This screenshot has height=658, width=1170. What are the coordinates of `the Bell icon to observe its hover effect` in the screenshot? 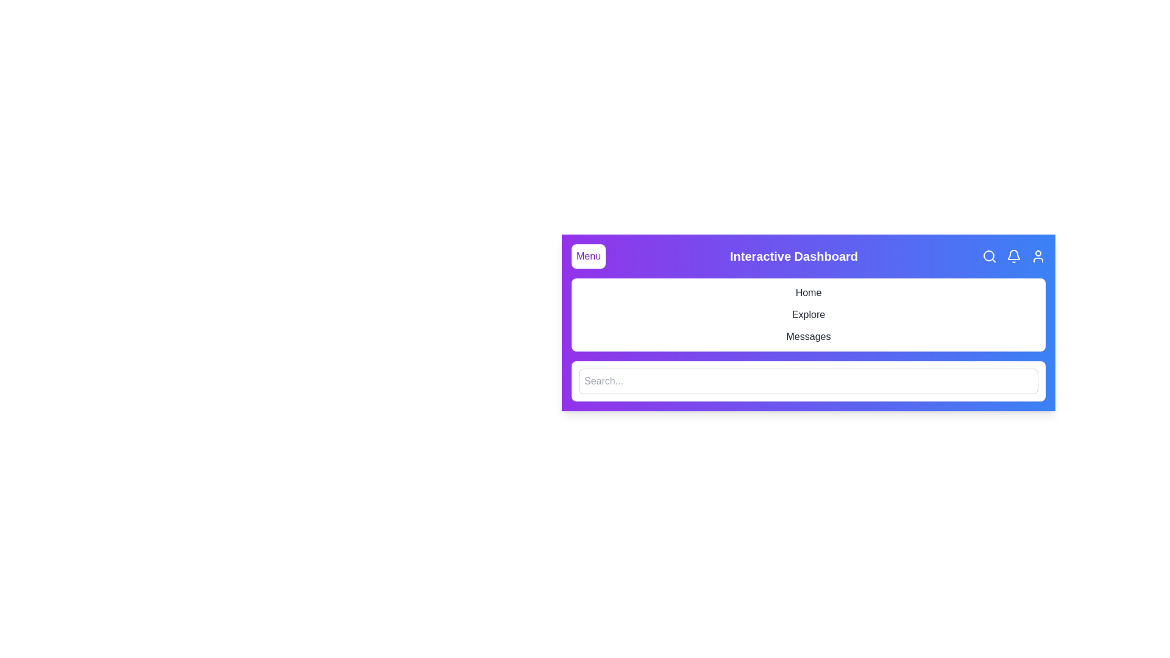 It's located at (1014, 255).